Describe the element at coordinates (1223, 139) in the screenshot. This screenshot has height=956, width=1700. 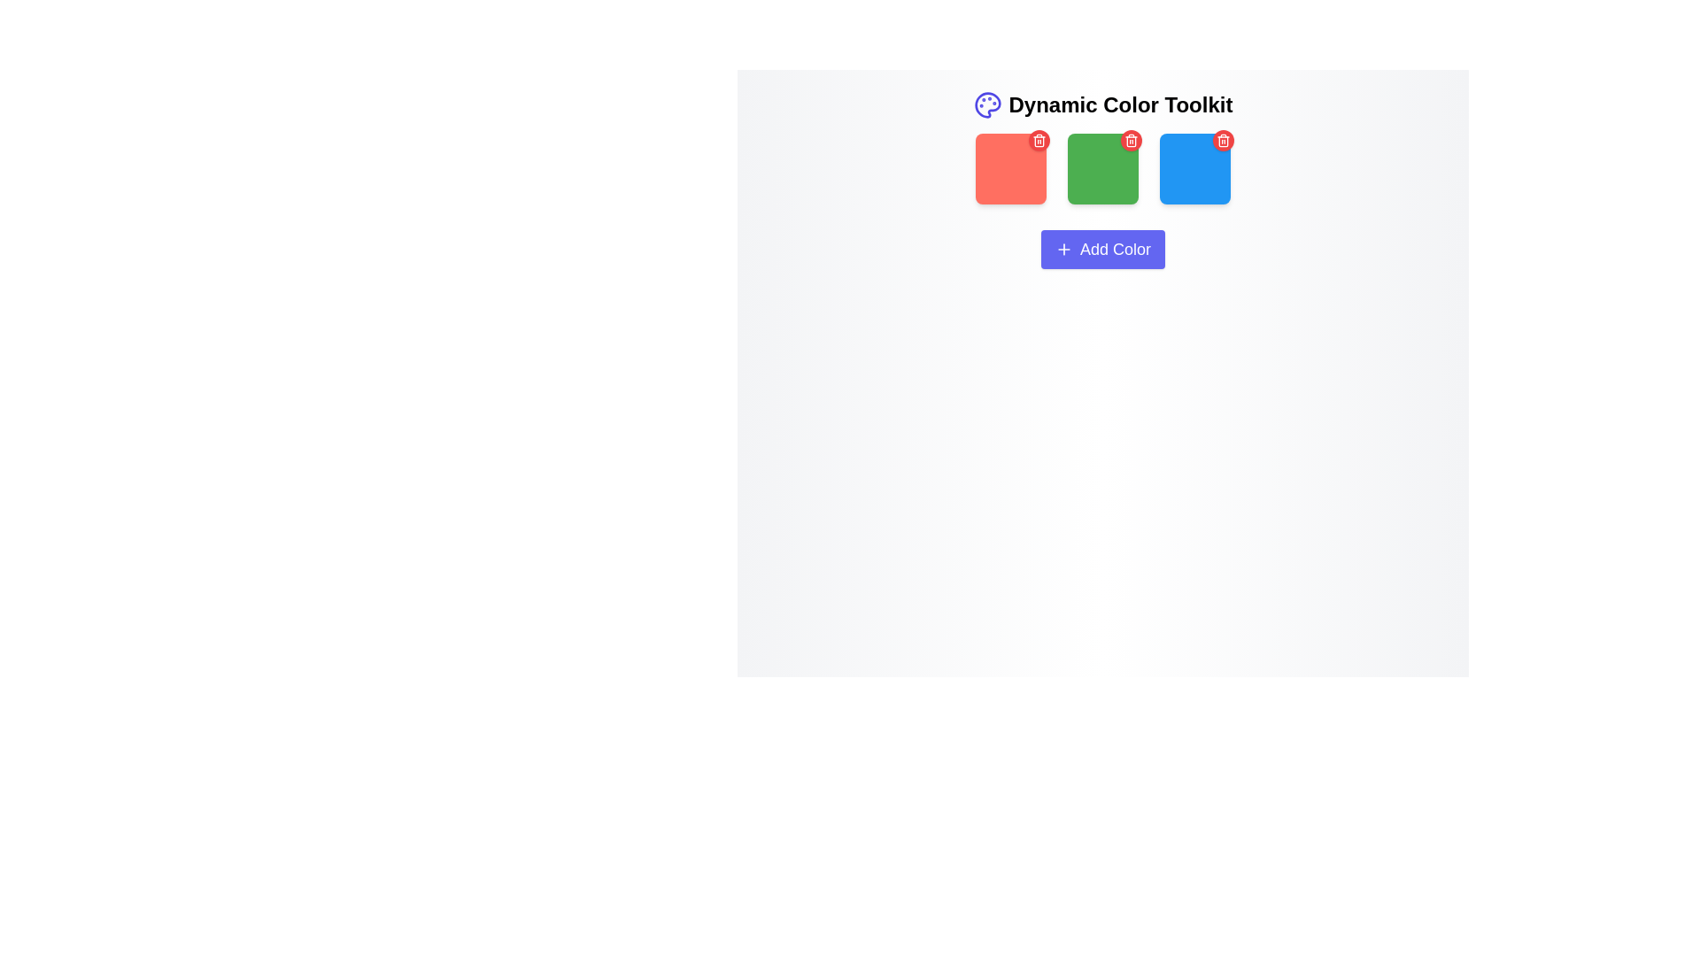
I see `the small circular red button with a white trash bin icon located above and slightly to the right of the blue square tile` at that location.